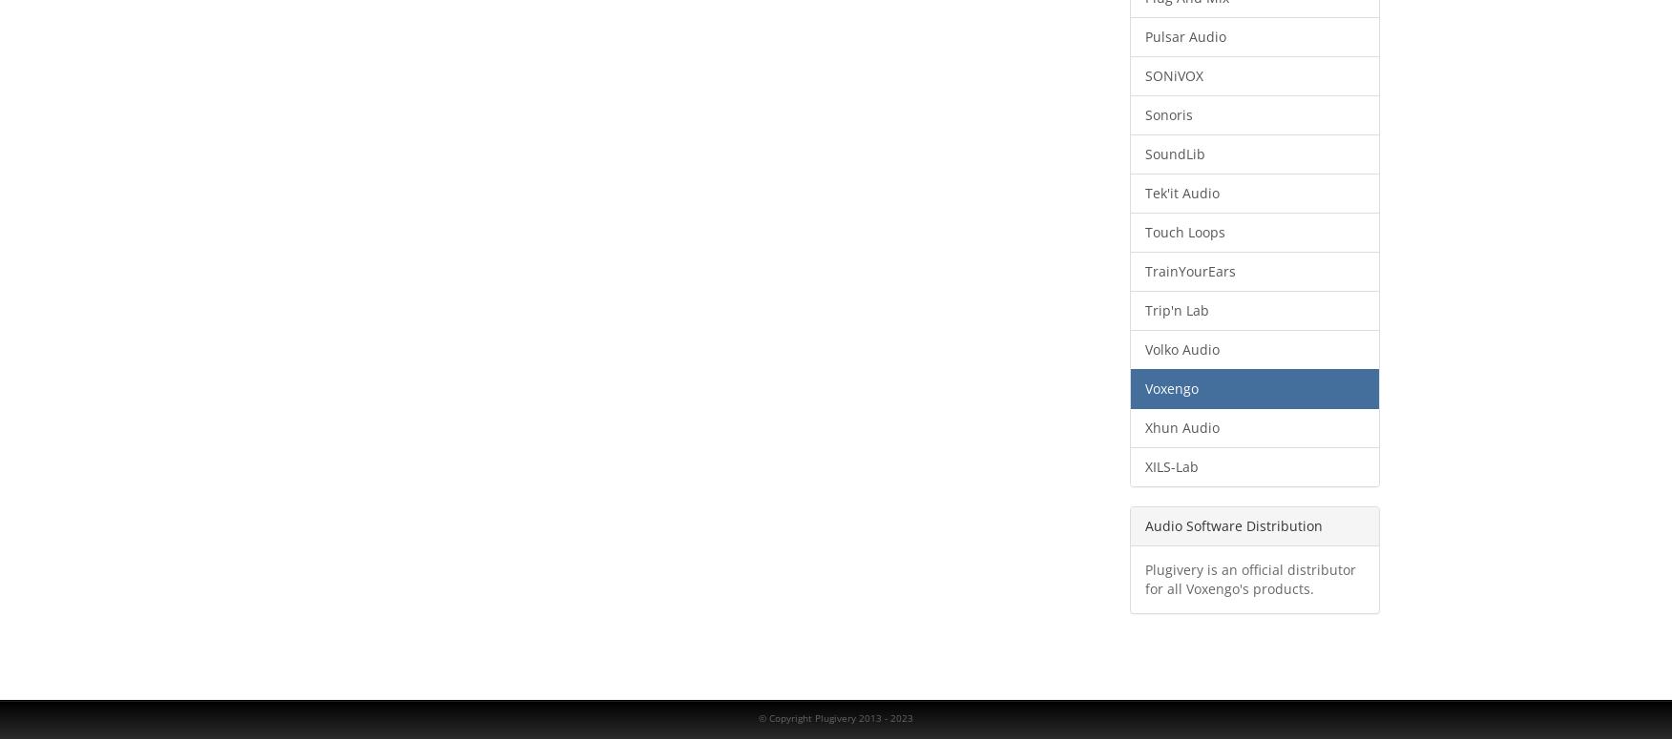  Describe the element at coordinates (1170, 465) in the screenshot. I see `'XILS-Lab'` at that location.